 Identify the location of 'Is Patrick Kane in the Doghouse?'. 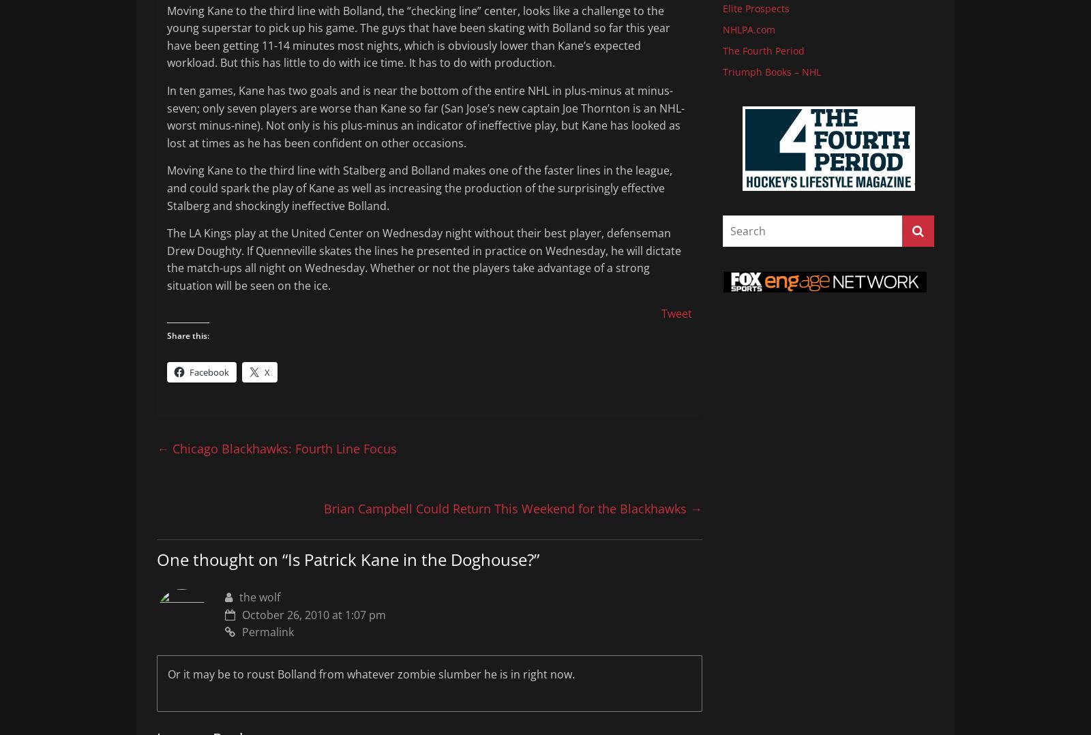
(286, 559).